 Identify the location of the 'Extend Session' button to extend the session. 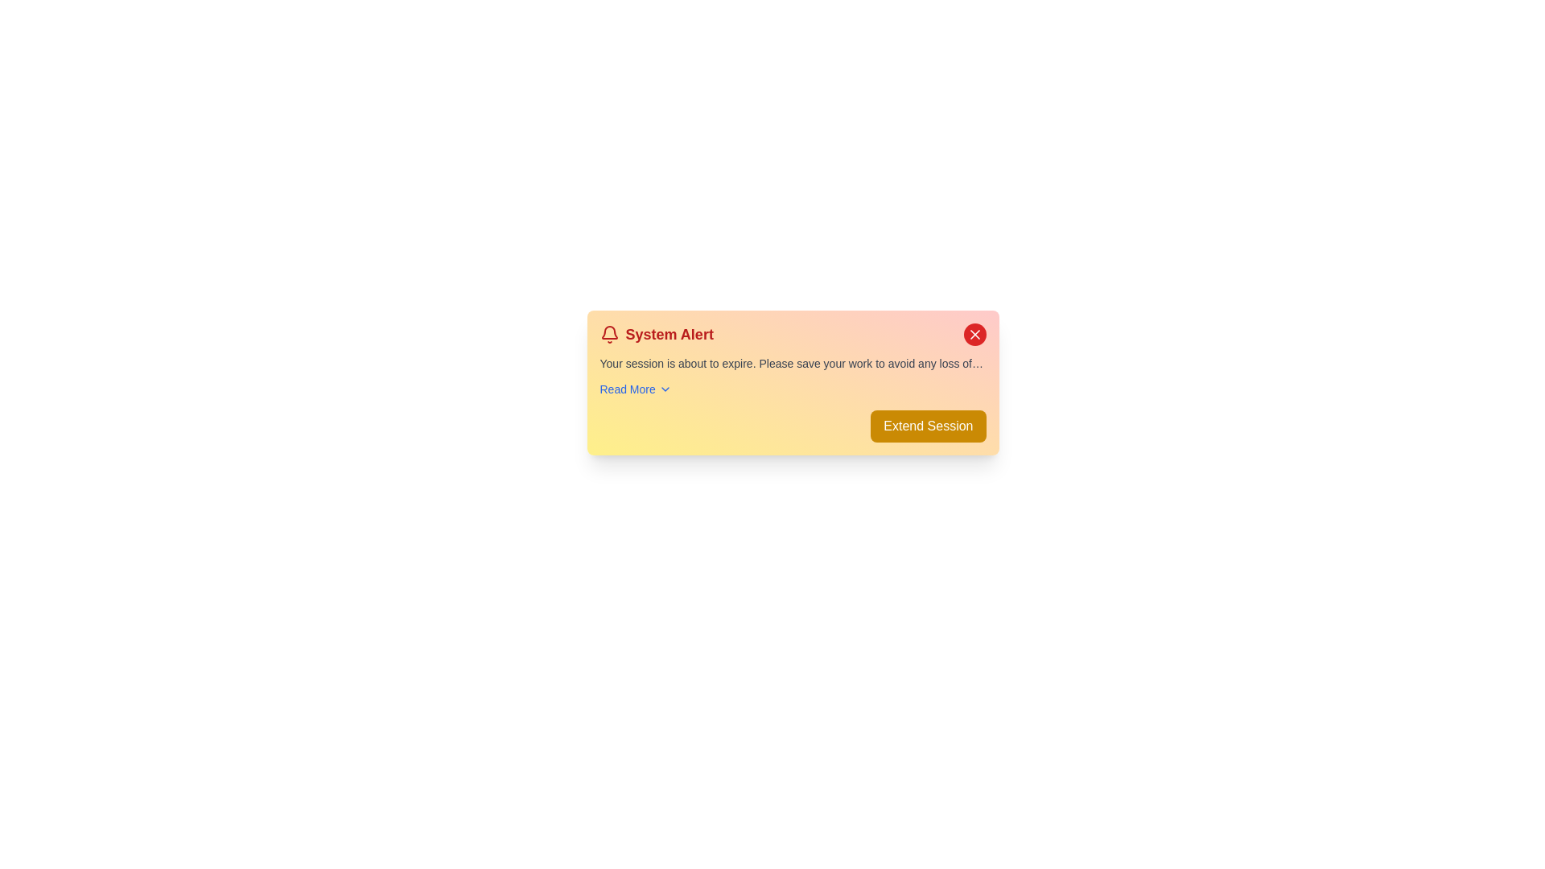
(928, 425).